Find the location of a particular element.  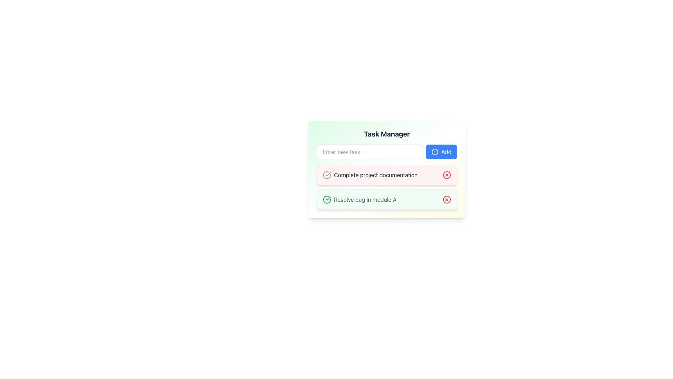

the small checkmark symbol inside the circular green icon next to the task item labeled 'Resolve bug in module A.' is located at coordinates (328, 174).